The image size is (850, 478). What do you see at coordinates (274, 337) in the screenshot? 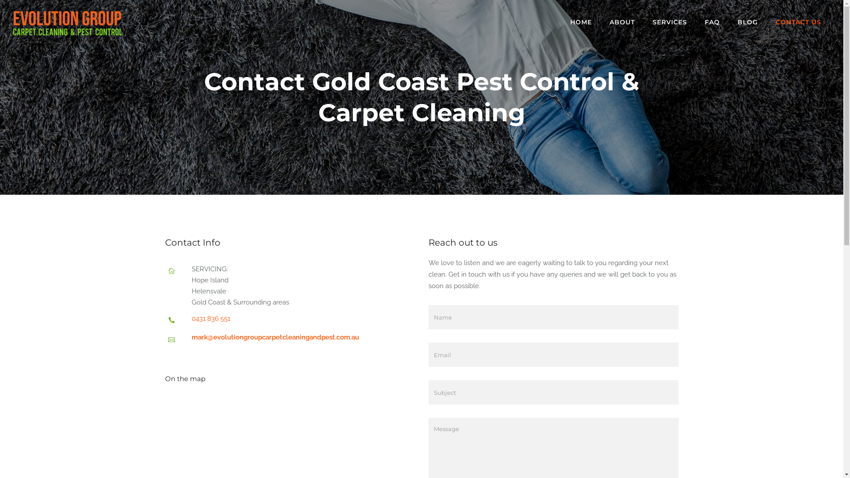
I see `'mark@evolutiongroupcarpetcleaningandpest.com.au'` at bounding box center [274, 337].